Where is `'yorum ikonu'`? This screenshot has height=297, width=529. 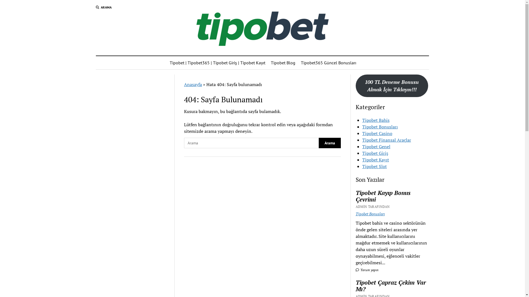
'yorum ikonu' is located at coordinates (357, 270).